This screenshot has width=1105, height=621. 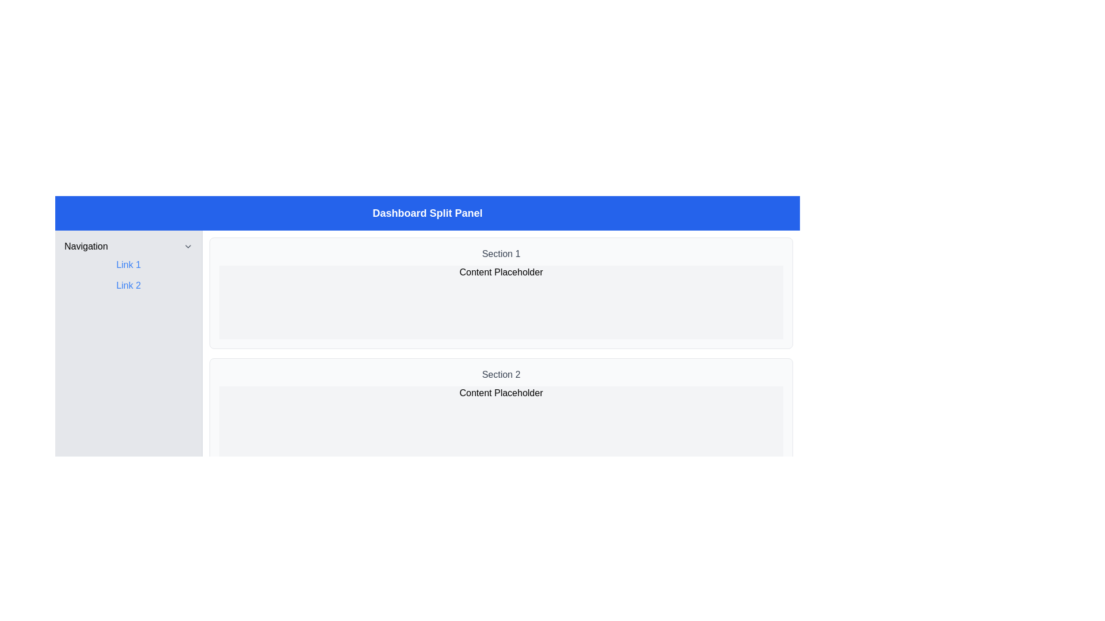 I want to click on 'Navigation' text label located in the top-left corner of the sidebar, which is a bold black font on a gray background, so click(x=85, y=246).